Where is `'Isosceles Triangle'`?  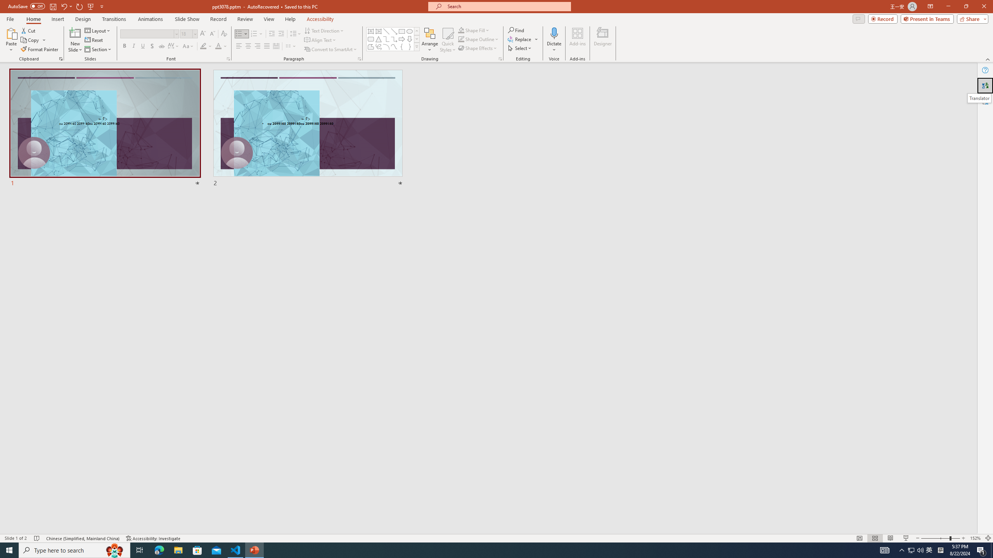 'Isosceles Triangle' is located at coordinates (378, 38).